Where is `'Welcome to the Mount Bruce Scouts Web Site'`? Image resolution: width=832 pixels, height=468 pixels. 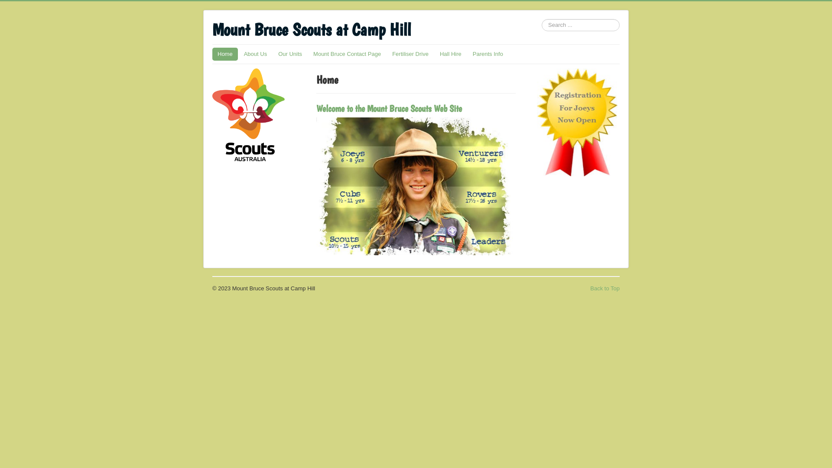
'Welcome to the Mount Bruce Scouts Web Site' is located at coordinates (388, 108).